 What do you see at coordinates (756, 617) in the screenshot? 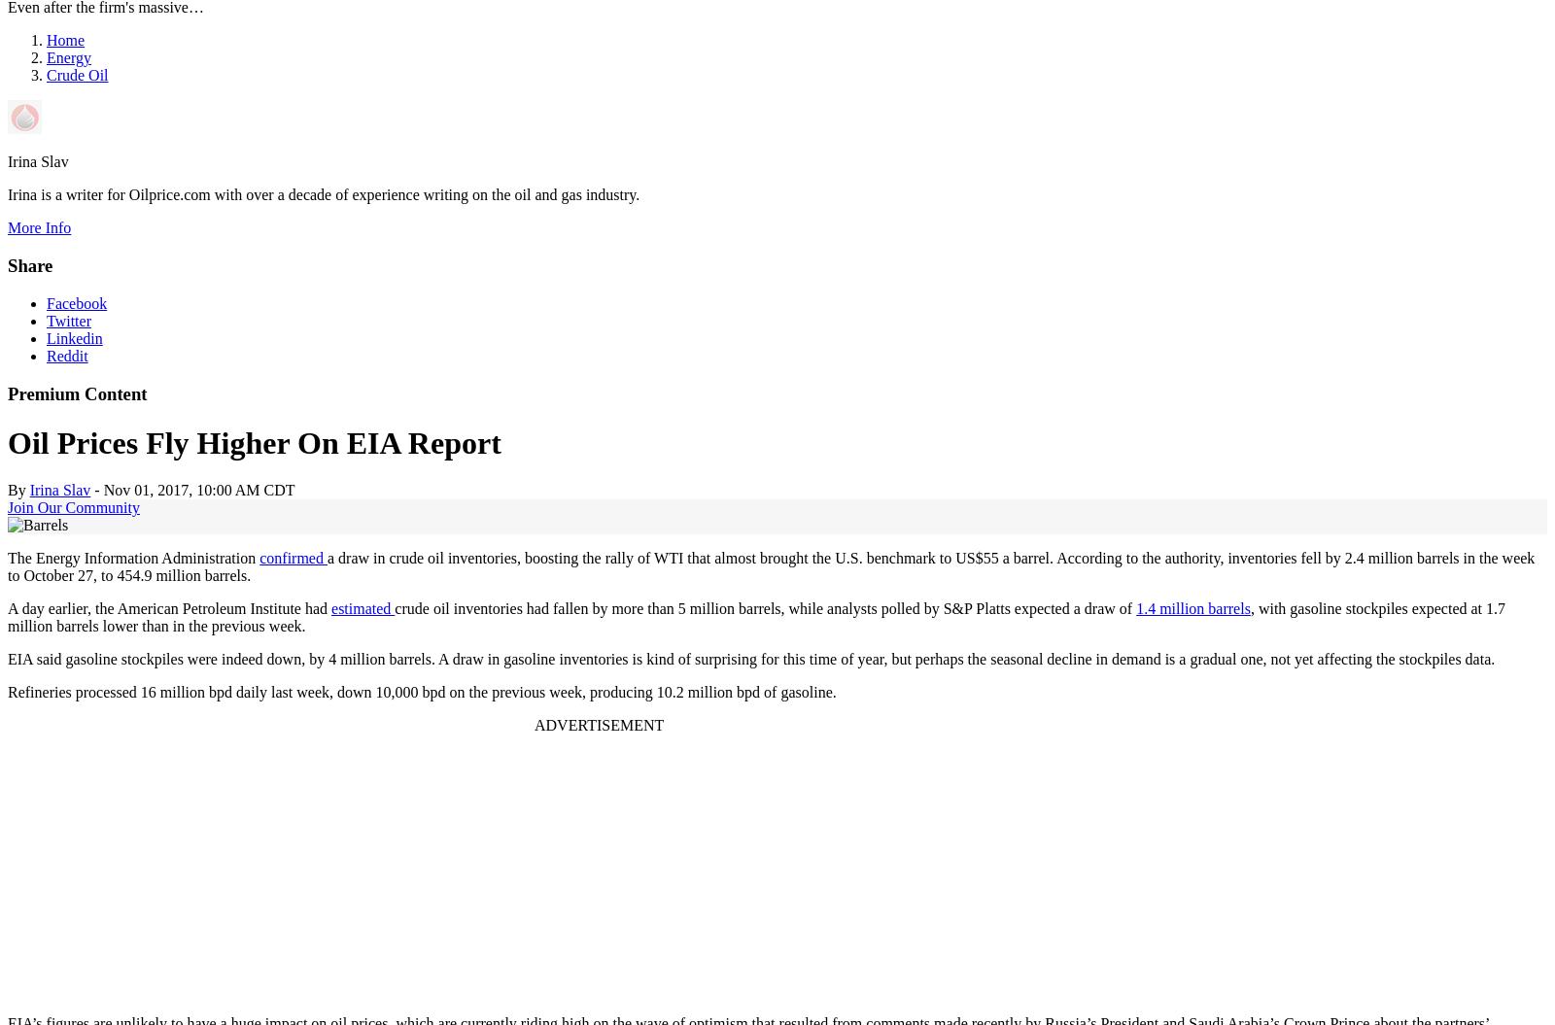
I see `', with gasoline stockpiles expected at 1.7 million barrels lower than in the previous week.'` at bounding box center [756, 617].